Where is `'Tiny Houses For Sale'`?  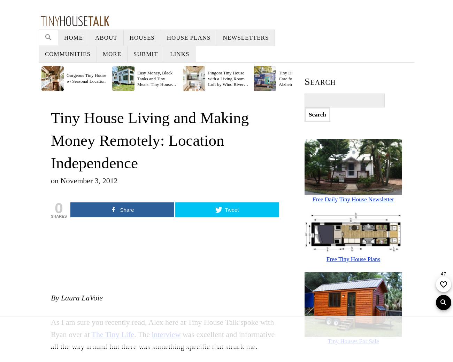 'Tiny Houses For Sale' is located at coordinates (353, 341).